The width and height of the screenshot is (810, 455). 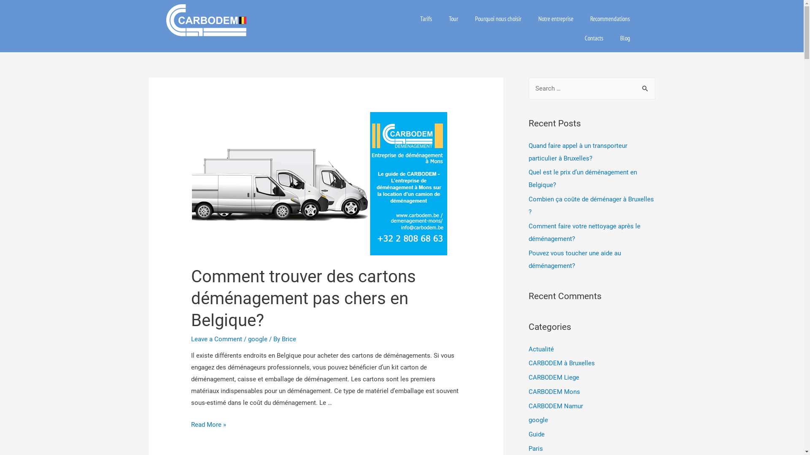 I want to click on 'Notre entreprise', so click(x=556, y=19).